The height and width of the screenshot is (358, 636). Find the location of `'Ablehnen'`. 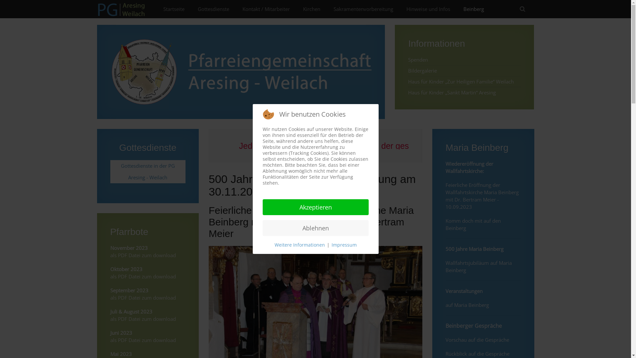

'Ablehnen' is located at coordinates (315, 227).